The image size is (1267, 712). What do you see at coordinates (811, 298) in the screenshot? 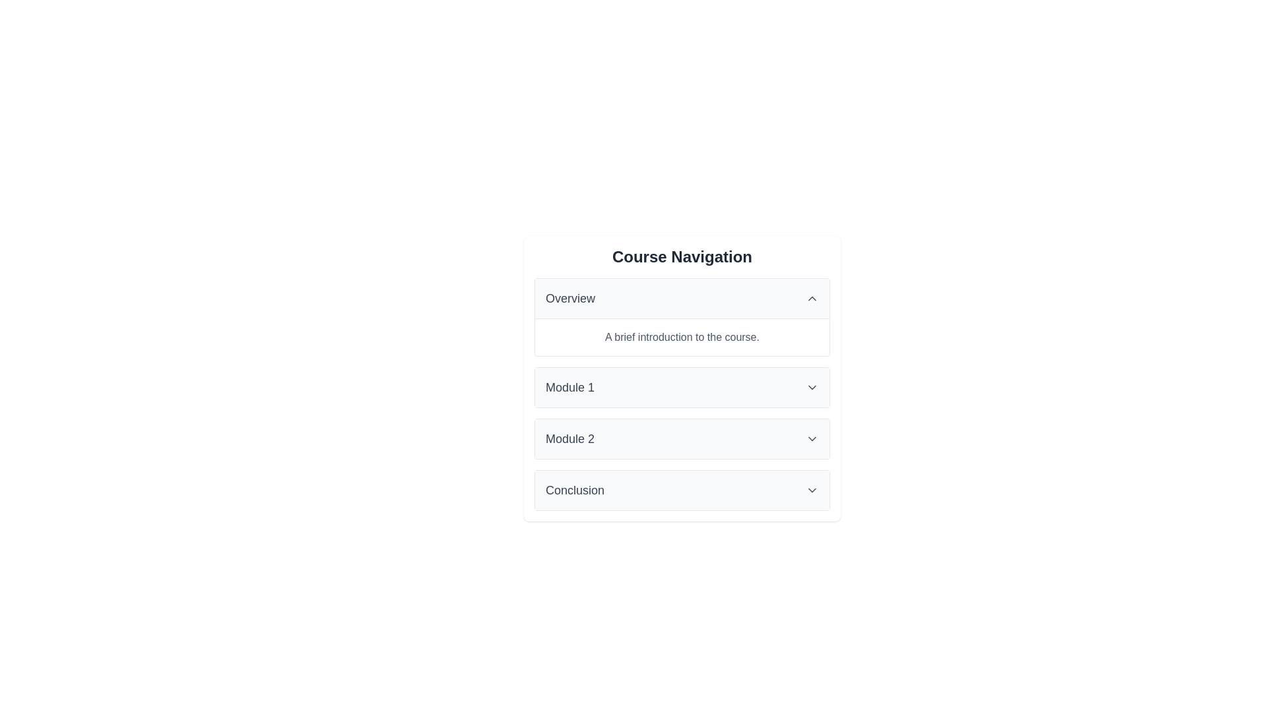
I see `the chevron icon located on the right side of the 'Overview' section header in the navigation panel` at bounding box center [811, 298].